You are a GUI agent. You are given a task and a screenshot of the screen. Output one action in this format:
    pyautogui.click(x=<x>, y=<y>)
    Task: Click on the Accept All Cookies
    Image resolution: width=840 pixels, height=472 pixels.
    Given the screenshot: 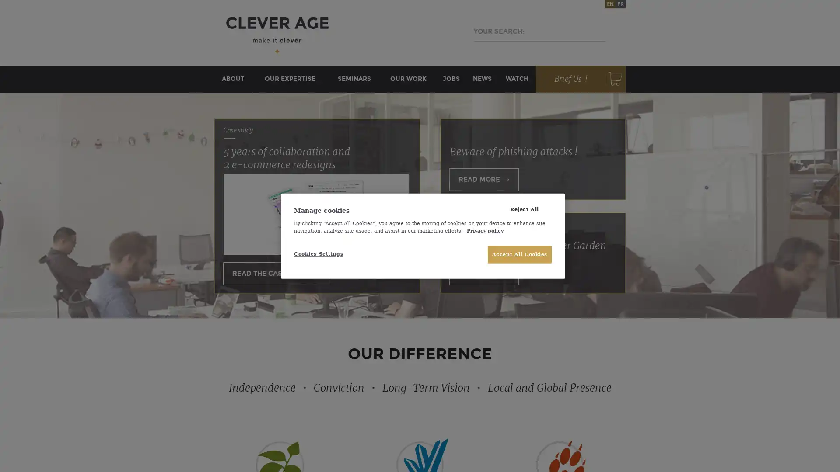 What is the action you would take?
    pyautogui.click(x=519, y=254)
    